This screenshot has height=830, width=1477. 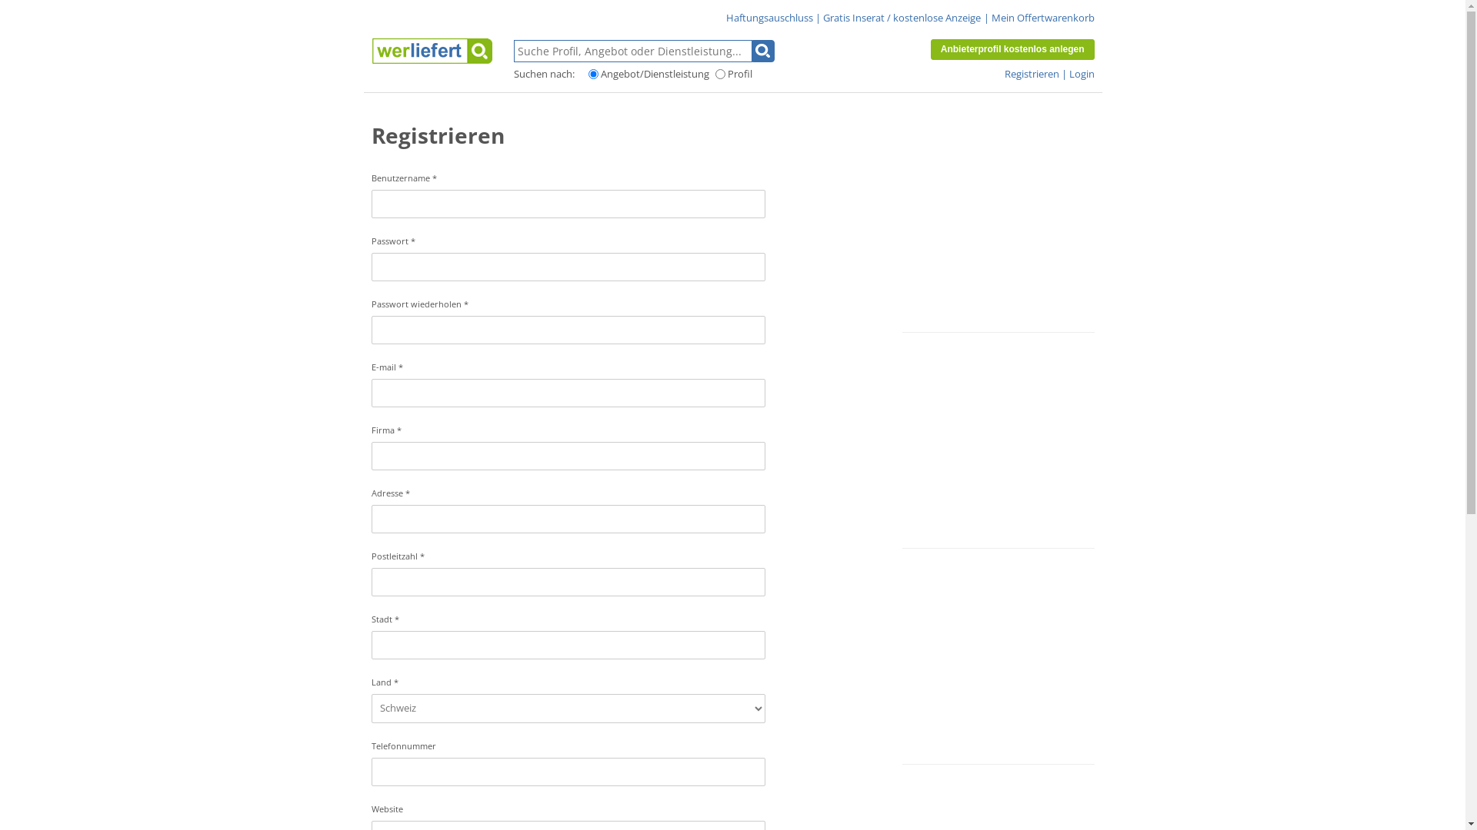 I want to click on 'Advertisement', so click(x=997, y=224).